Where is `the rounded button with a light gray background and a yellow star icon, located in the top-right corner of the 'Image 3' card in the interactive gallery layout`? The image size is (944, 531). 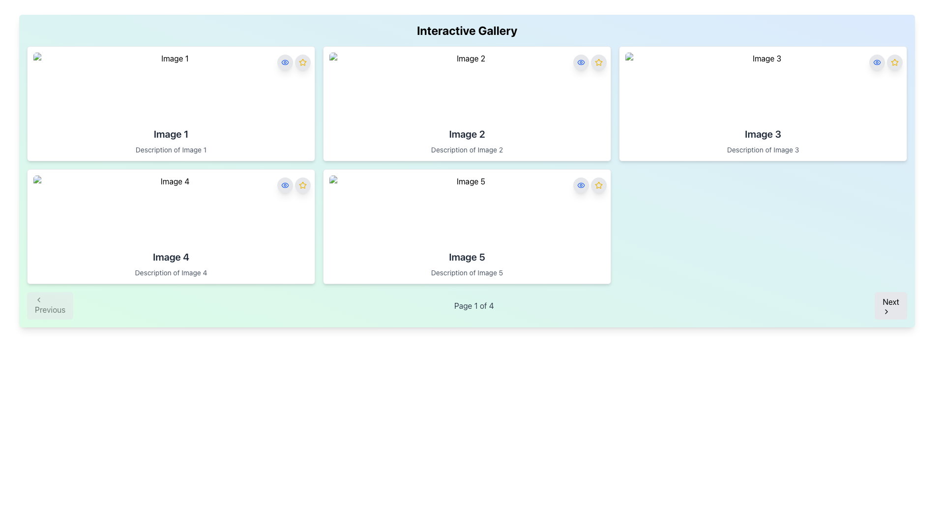
the rounded button with a light gray background and a yellow star icon, located in the top-right corner of the 'Image 3' card in the interactive gallery layout is located at coordinates (894, 62).